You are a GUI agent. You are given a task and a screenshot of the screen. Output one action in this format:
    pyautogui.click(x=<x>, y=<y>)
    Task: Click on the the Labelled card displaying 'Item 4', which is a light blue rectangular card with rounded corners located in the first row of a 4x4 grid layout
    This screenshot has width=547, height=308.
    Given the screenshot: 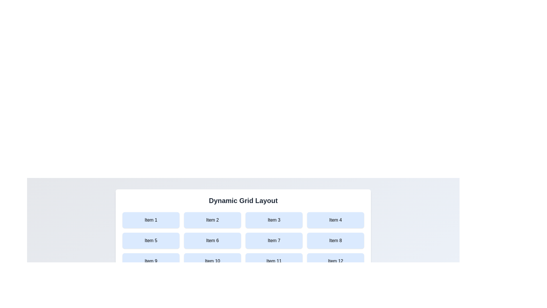 What is the action you would take?
    pyautogui.click(x=335, y=220)
    